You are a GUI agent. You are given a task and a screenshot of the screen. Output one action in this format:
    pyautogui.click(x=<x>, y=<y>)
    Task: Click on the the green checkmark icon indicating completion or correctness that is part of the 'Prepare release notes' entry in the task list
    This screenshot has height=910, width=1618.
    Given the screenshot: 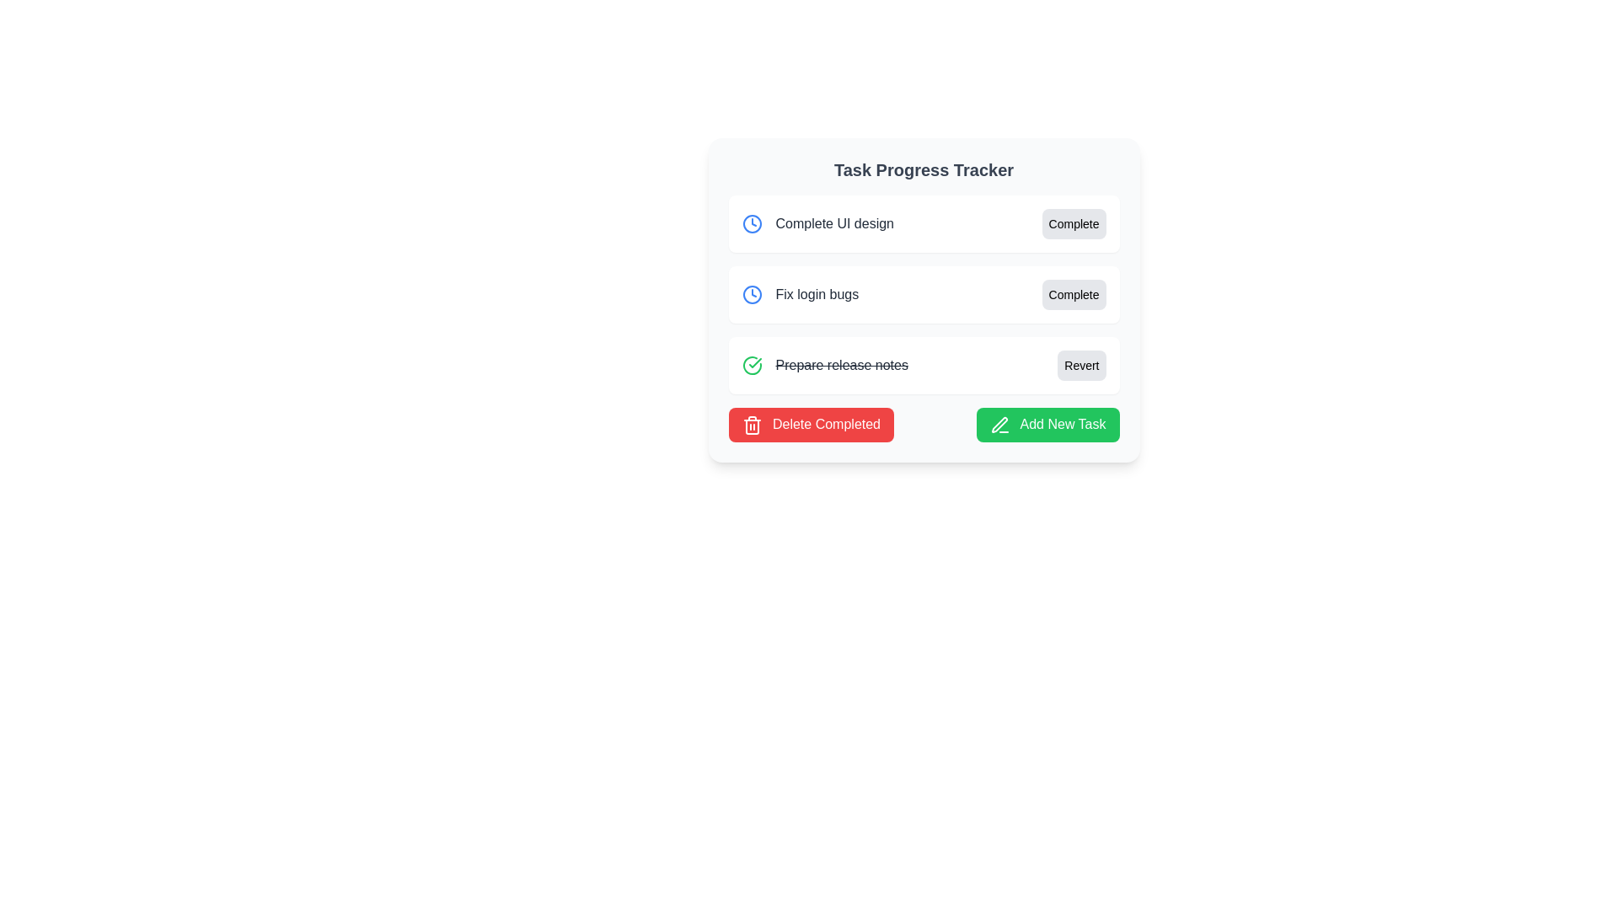 What is the action you would take?
    pyautogui.click(x=754, y=362)
    